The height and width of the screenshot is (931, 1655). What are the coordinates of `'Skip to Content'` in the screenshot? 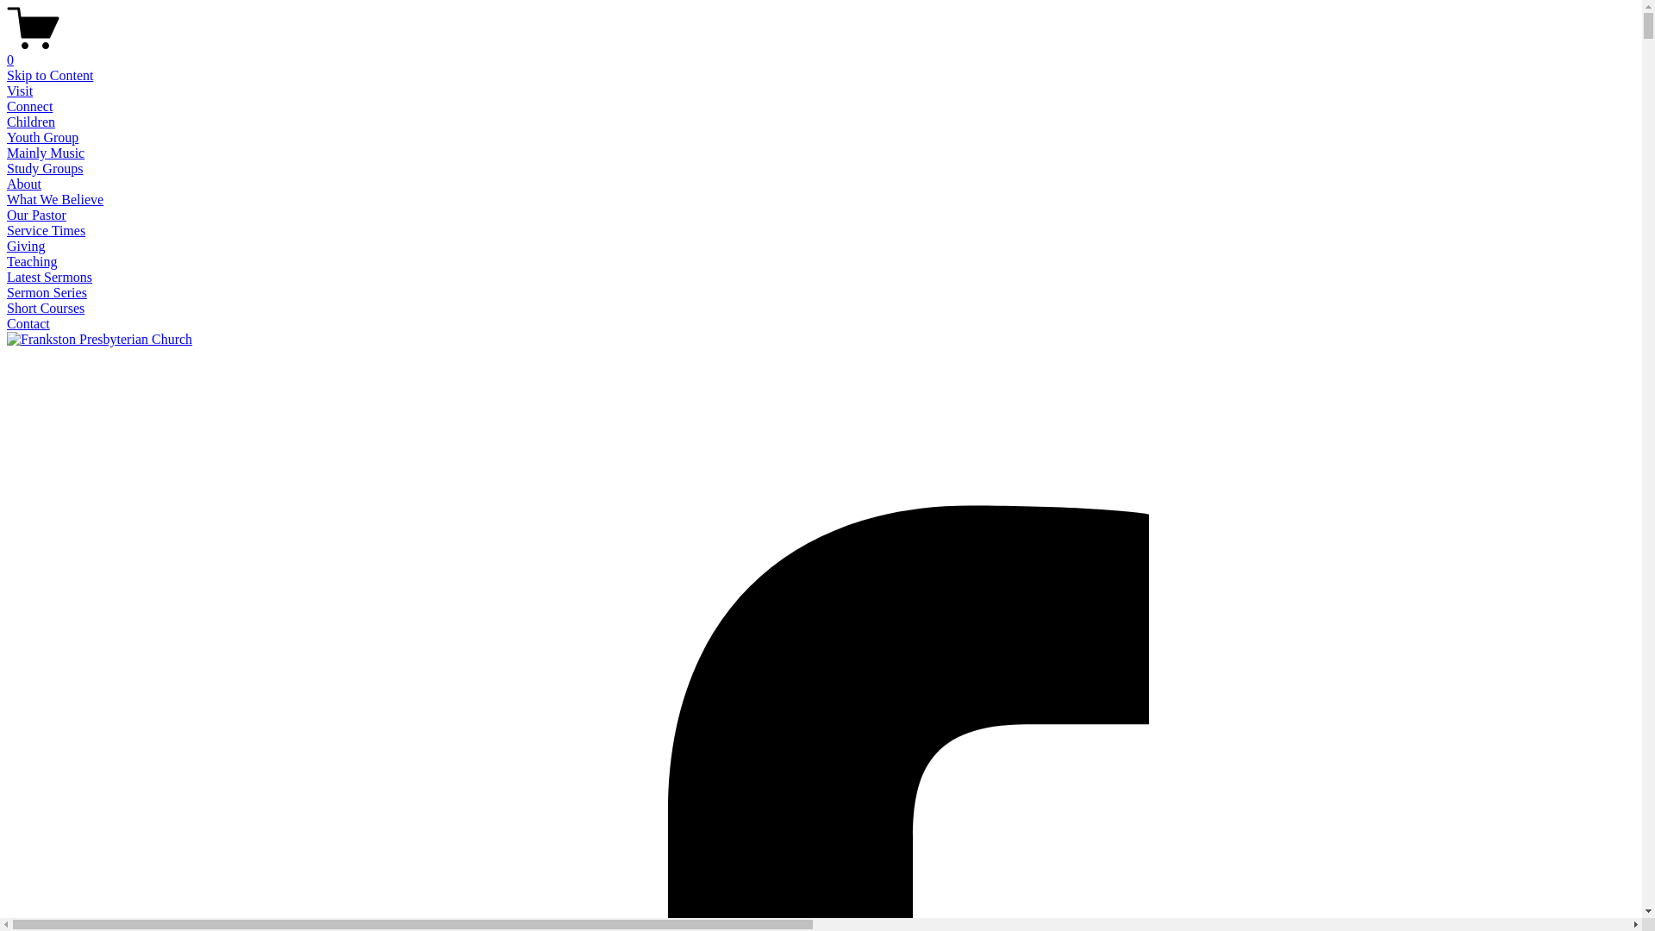 It's located at (49, 74).